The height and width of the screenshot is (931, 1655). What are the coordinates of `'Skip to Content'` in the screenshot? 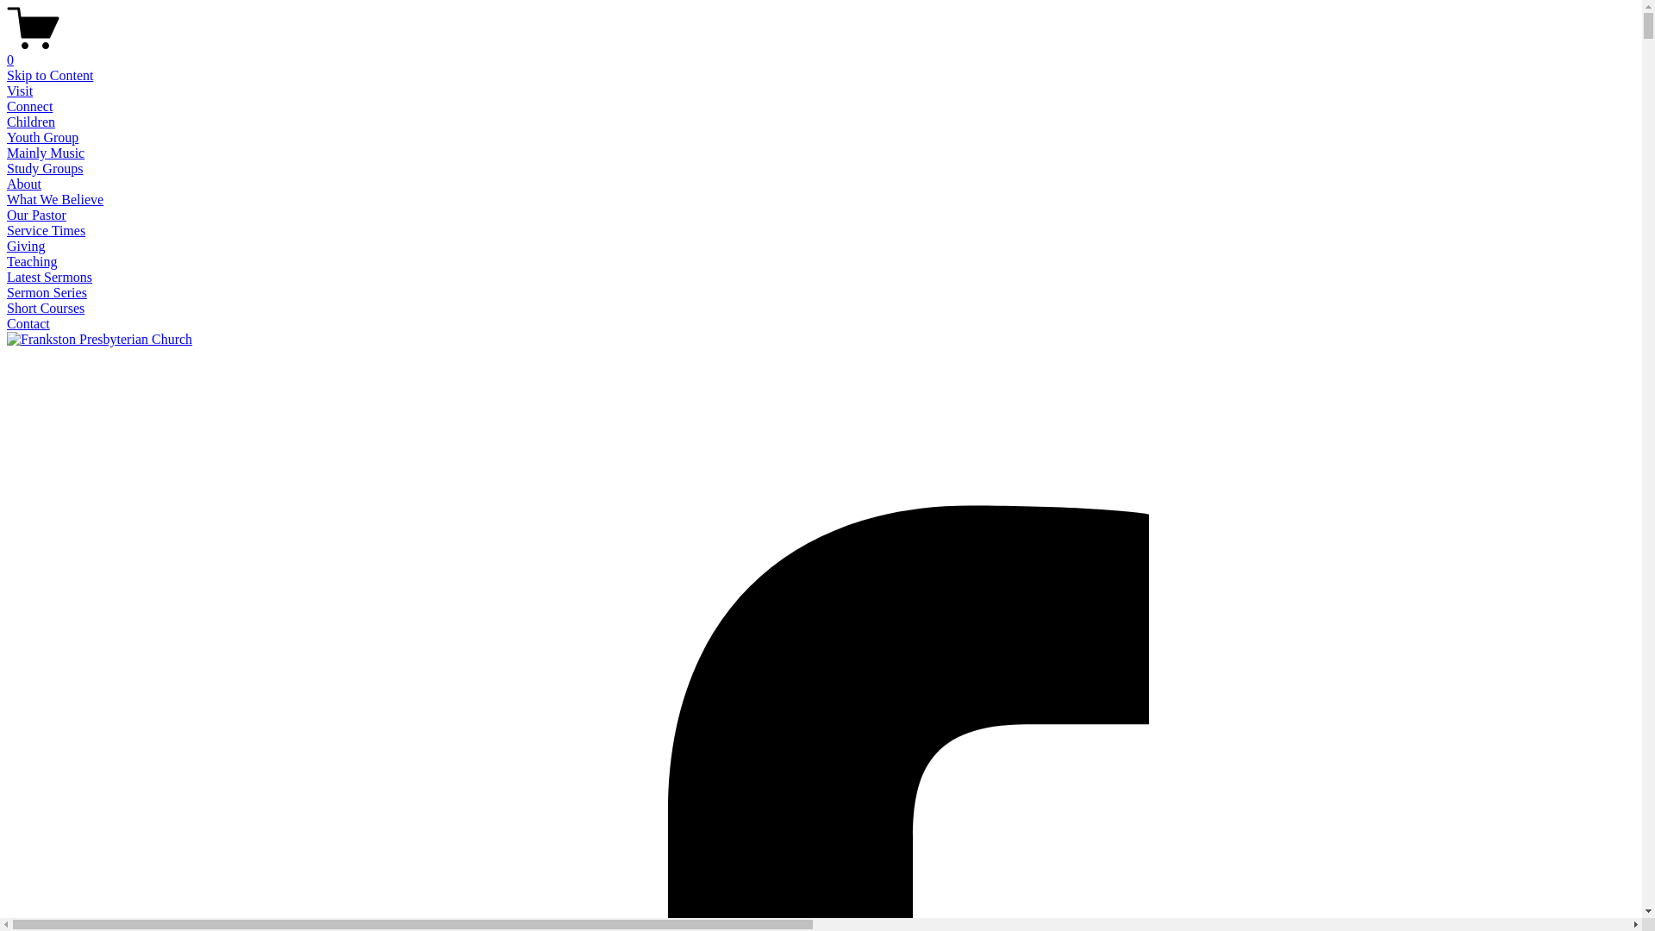 It's located at (49, 74).